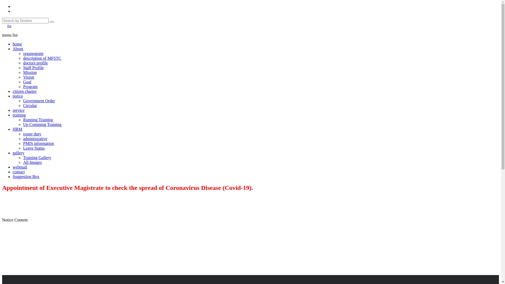  What do you see at coordinates (20, 167) in the screenshot?
I see `'webmail'` at bounding box center [20, 167].